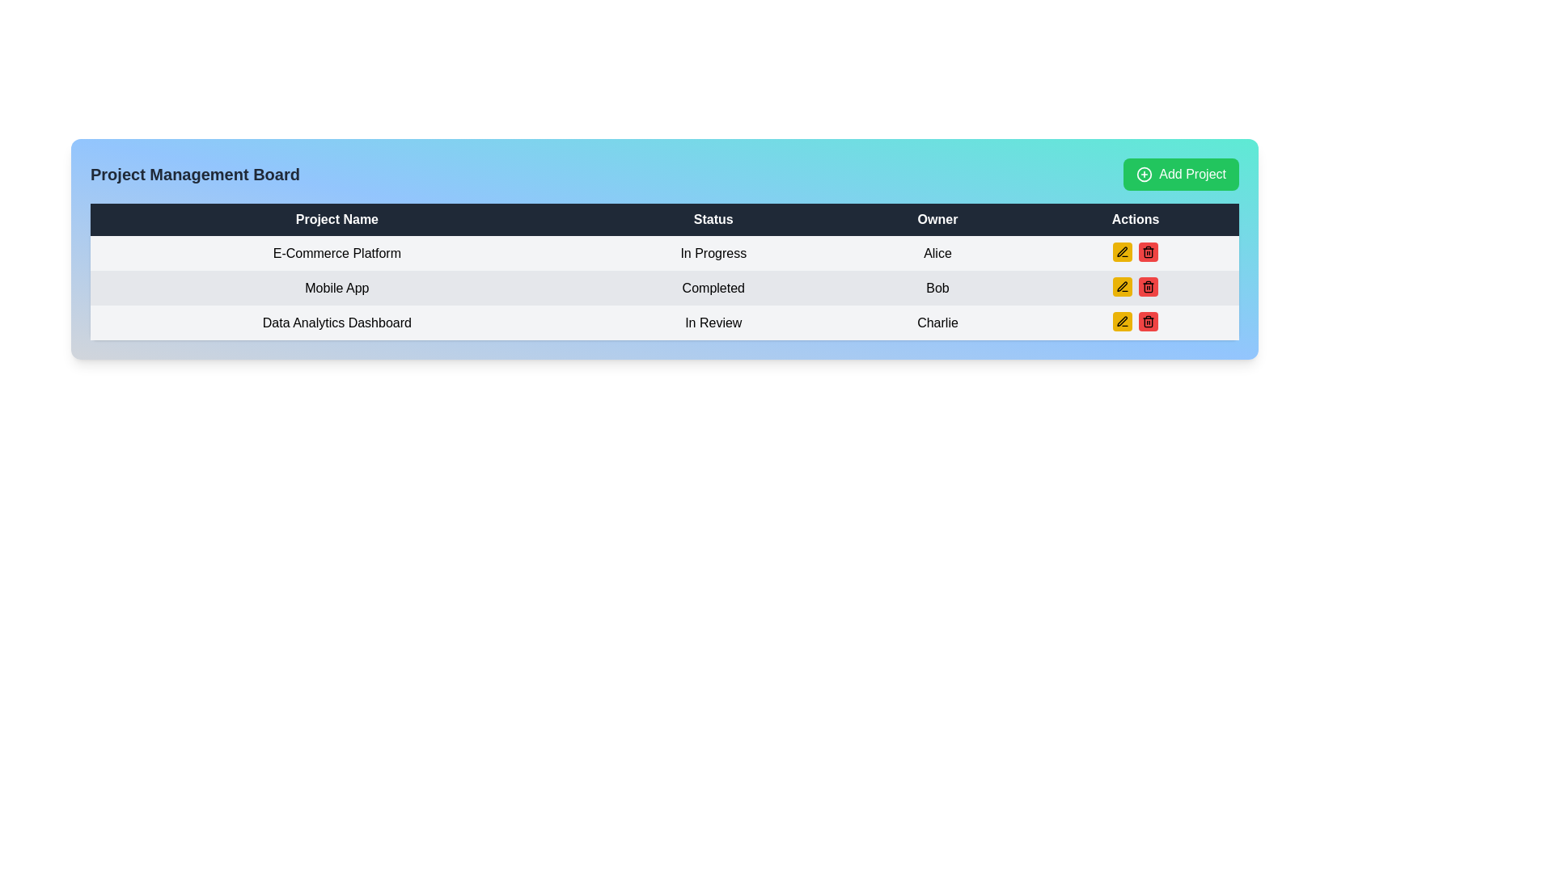 The image size is (1553, 873). What do you see at coordinates (336, 287) in the screenshot?
I see `the text label that displays 'Mobile App', which is the first entry in the second row under the 'Project Name' column in the table layout` at bounding box center [336, 287].